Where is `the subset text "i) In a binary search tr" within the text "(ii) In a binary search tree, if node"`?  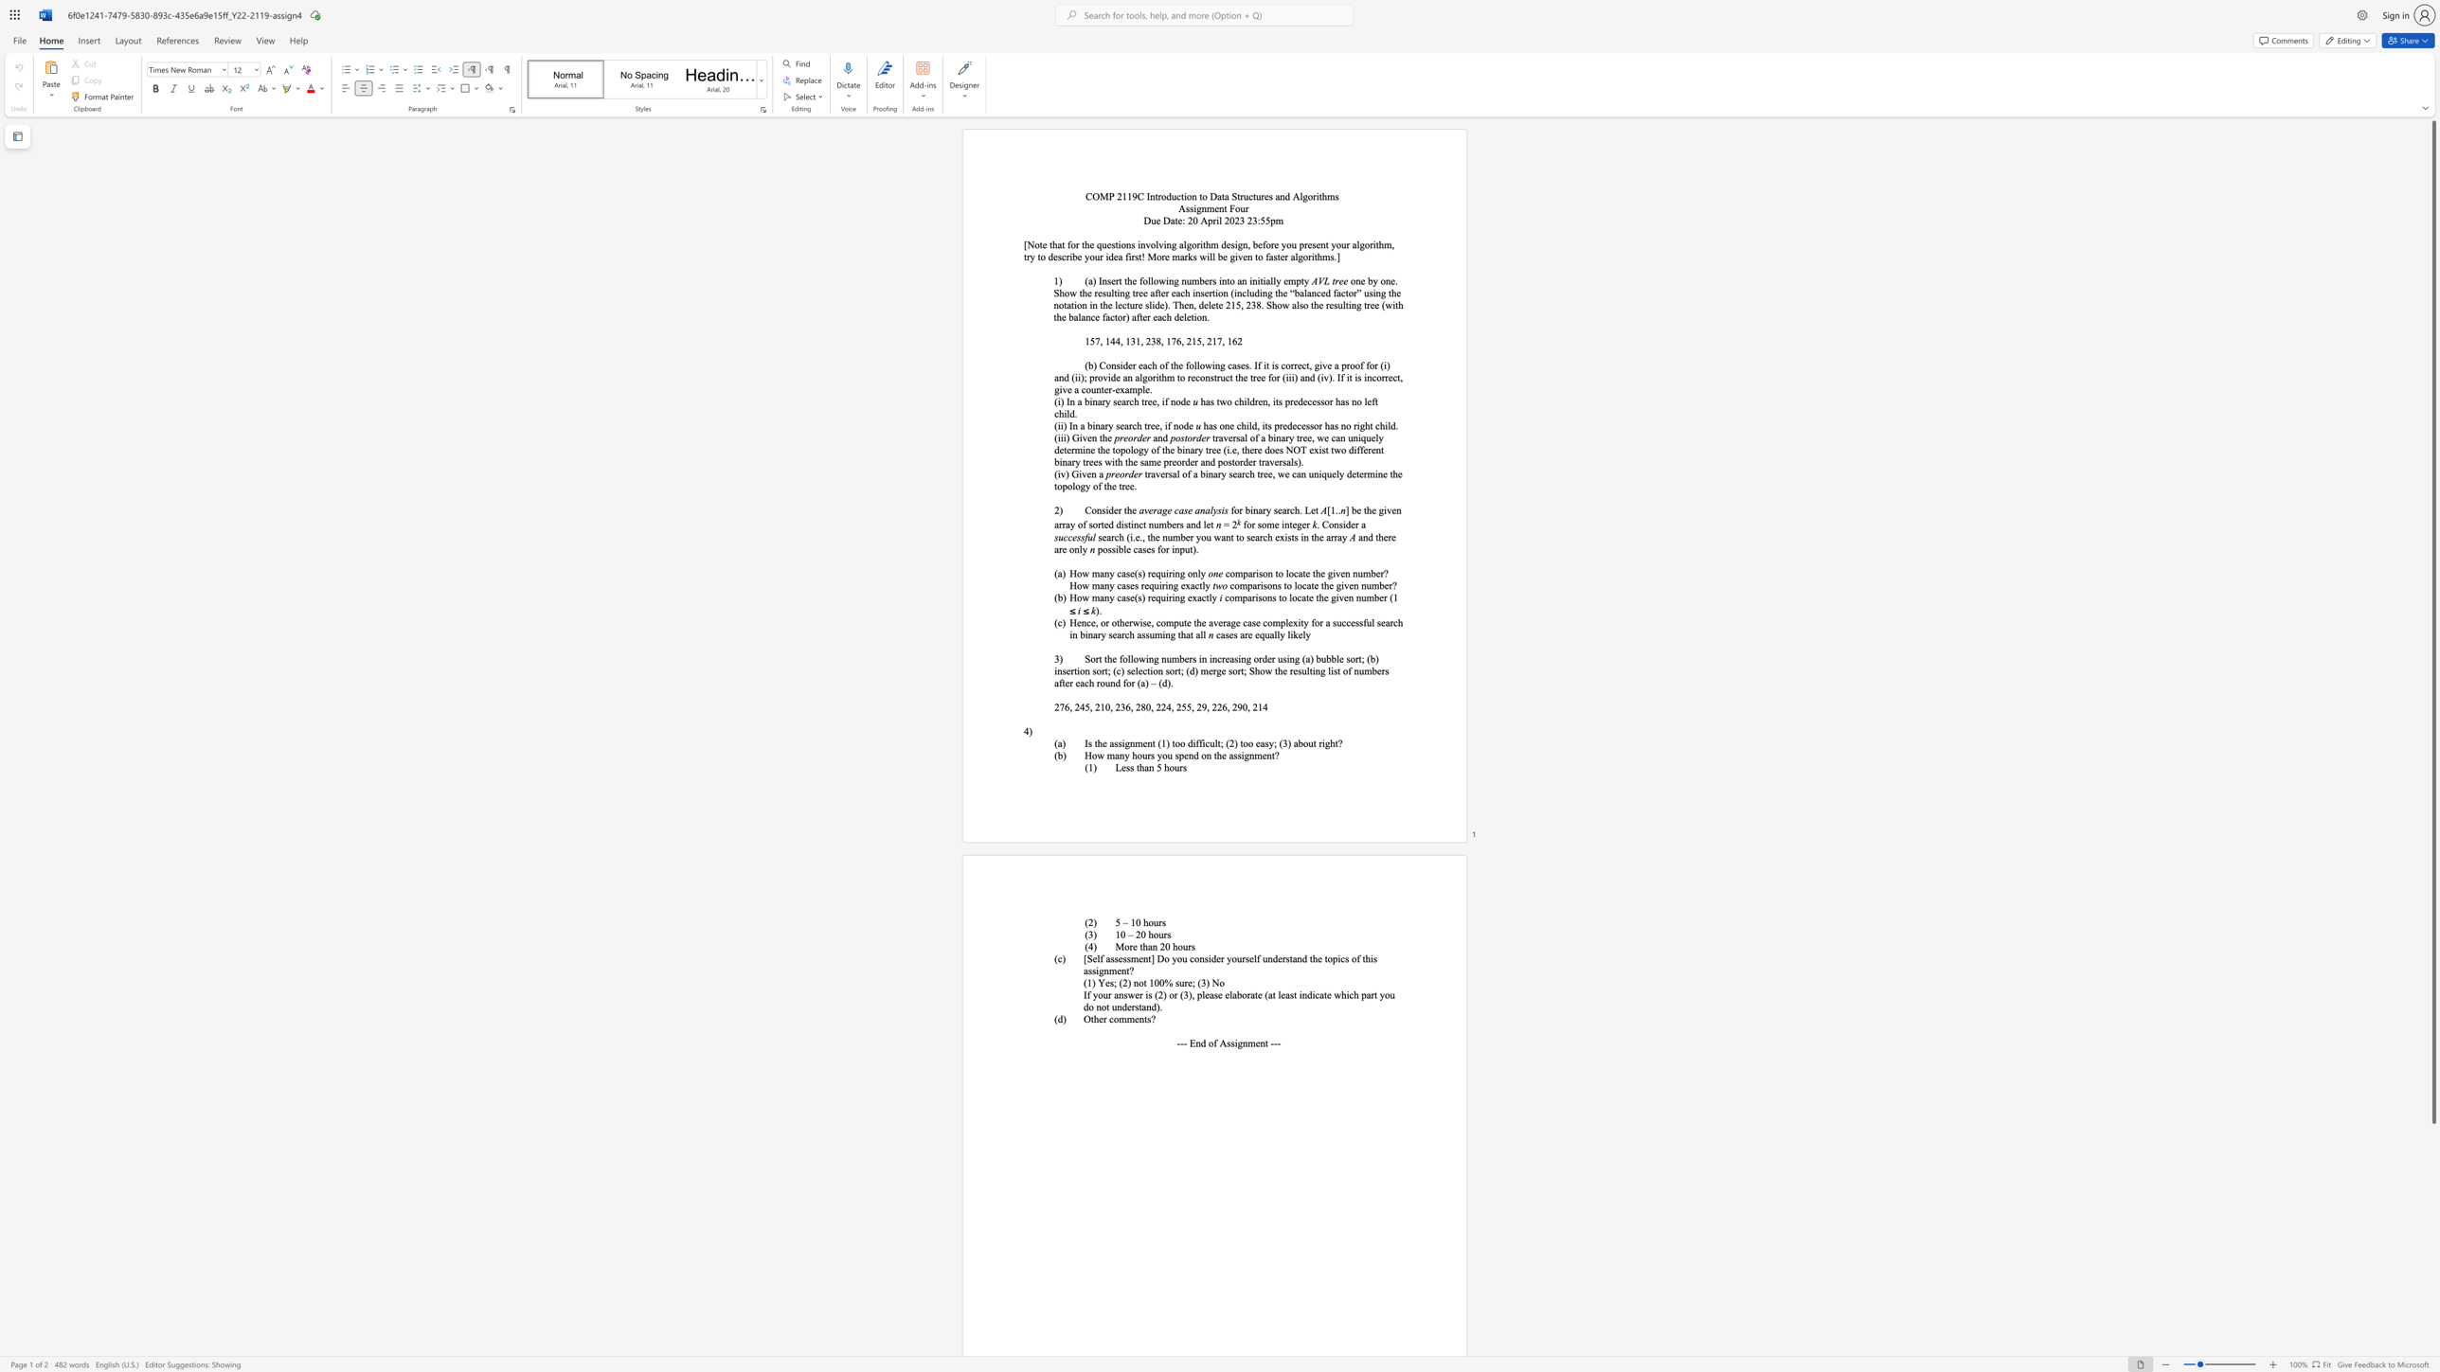
the subset text "i) In a binary search tr" within the text "(ii) In a binary search tree, if node" is located at coordinates (1060, 425).